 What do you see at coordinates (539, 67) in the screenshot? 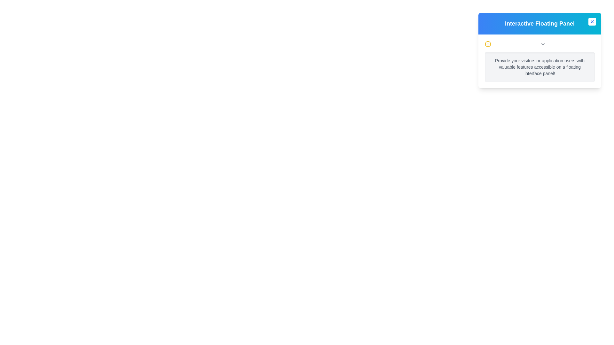
I see `the text box that provides descriptive messages or instructions within the floating panel interface, located in the middle-right section of the page, below the header and a row of interactive icons and buttons` at bounding box center [539, 67].